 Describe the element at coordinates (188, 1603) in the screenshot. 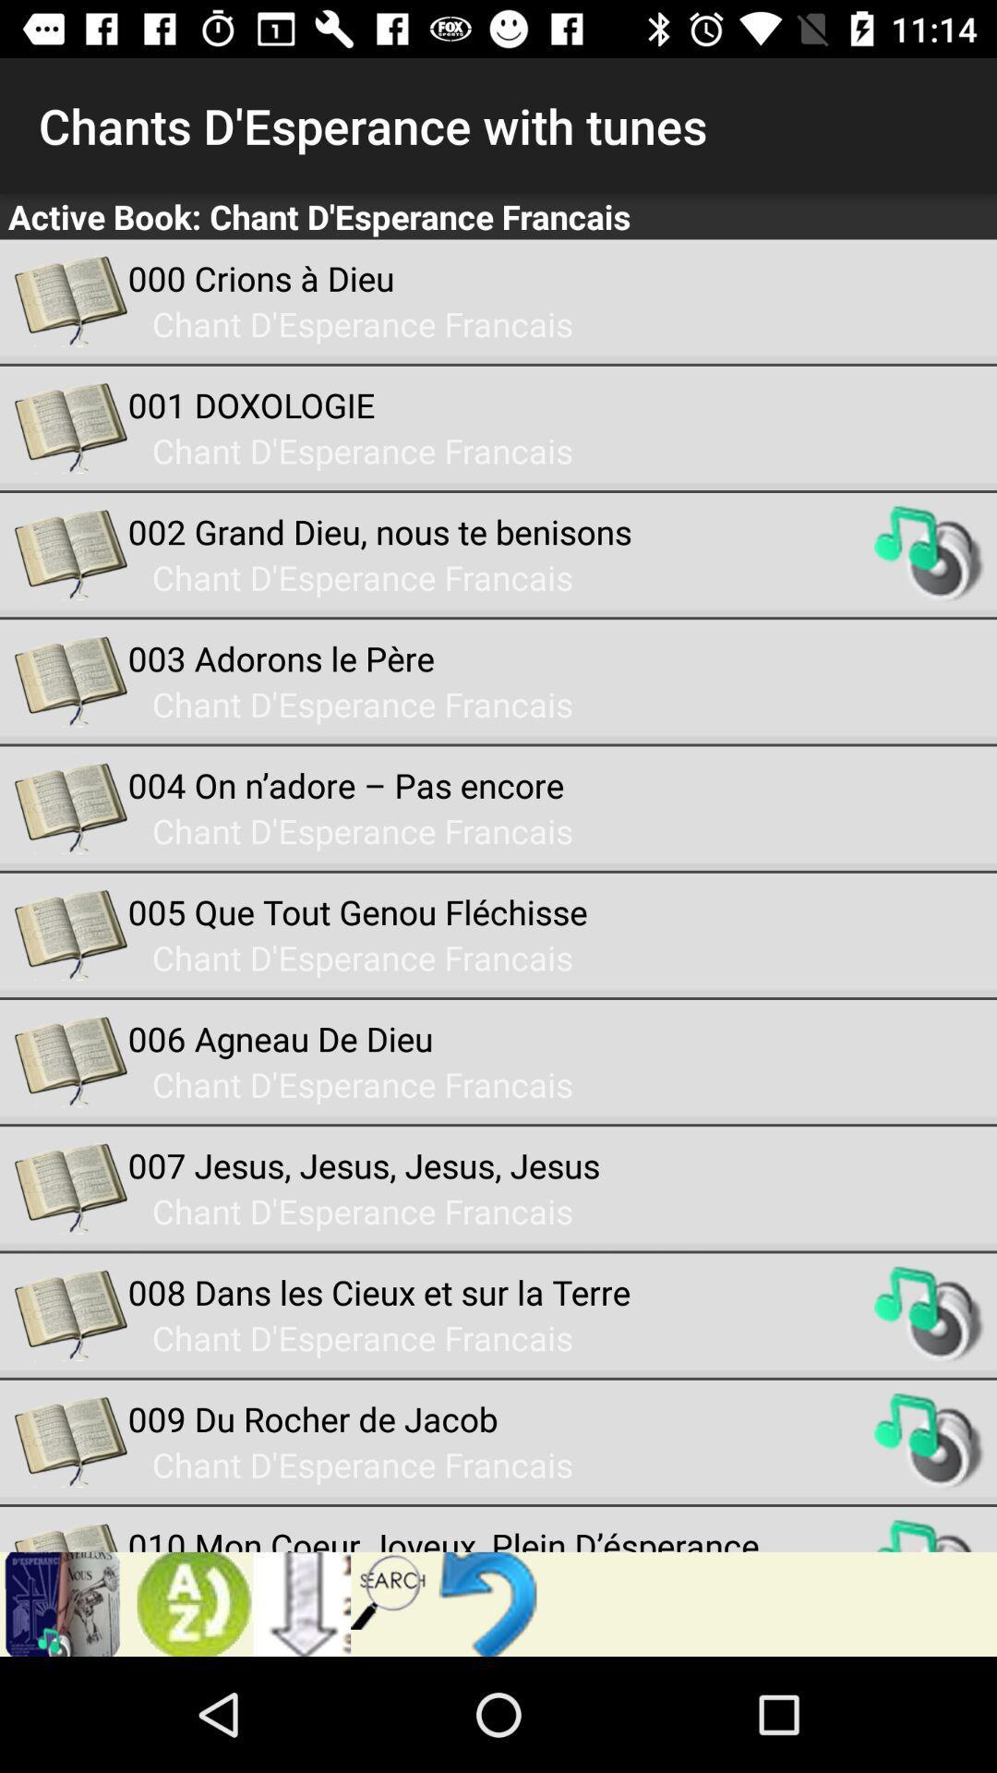

I see `the avatar icon` at that location.